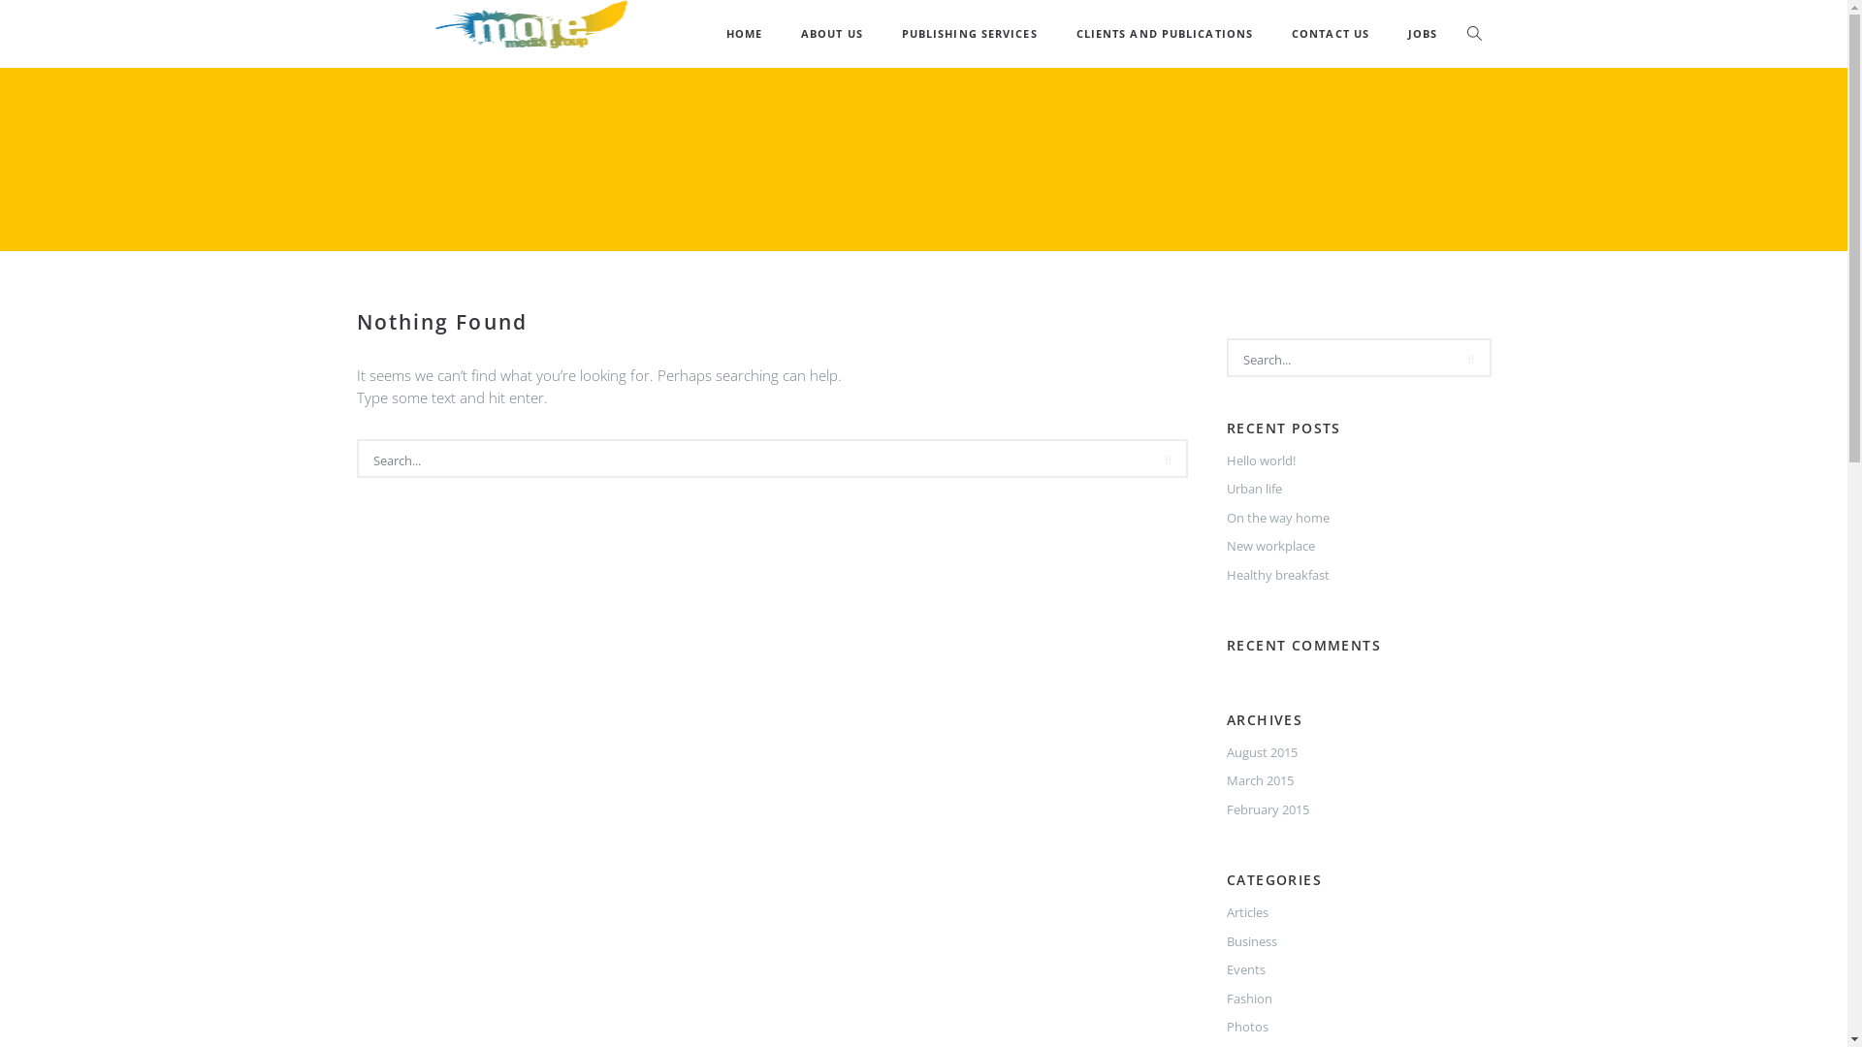 Image resolution: width=1862 pixels, height=1047 pixels. What do you see at coordinates (1226, 940) in the screenshot?
I see `'Business'` at bounding box center [1226, 940].